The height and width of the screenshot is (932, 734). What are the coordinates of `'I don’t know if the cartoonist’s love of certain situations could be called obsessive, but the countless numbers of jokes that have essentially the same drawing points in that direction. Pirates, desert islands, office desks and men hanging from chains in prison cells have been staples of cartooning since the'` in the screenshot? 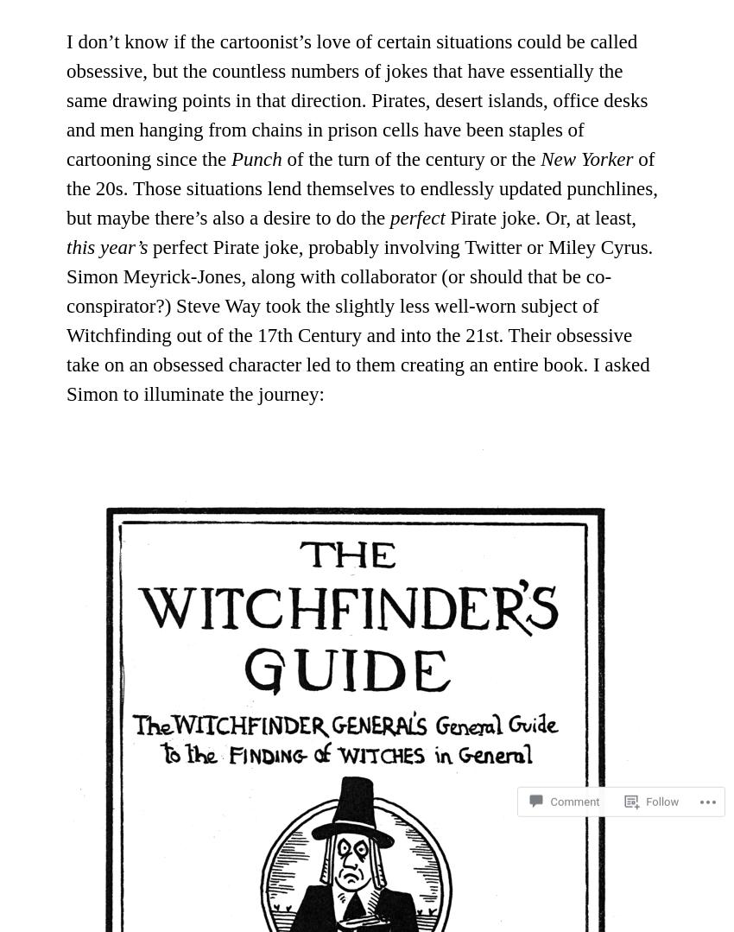 It's located at (357, 99).